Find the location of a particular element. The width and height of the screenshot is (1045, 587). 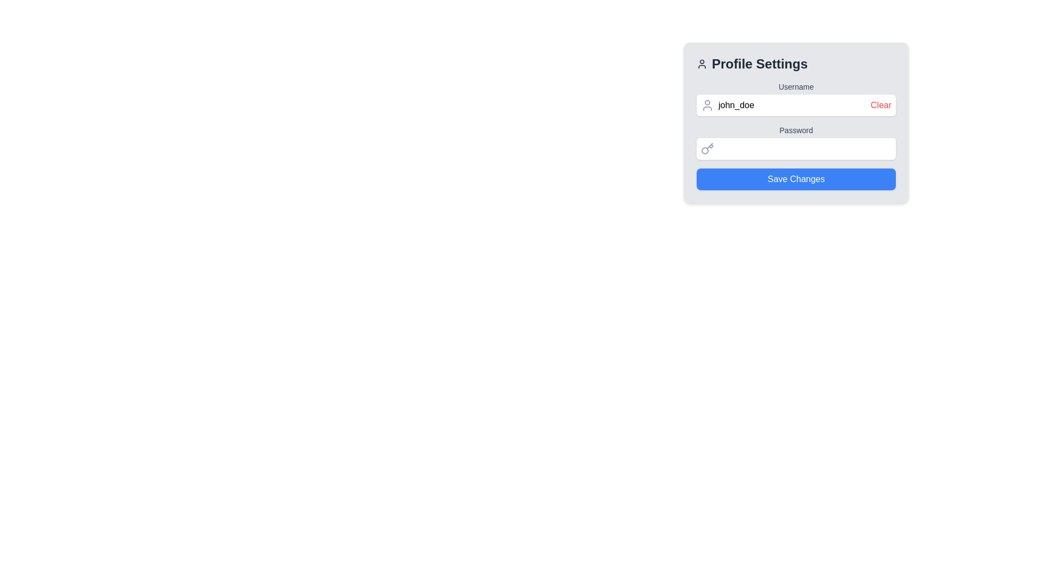

the 'Save Changes' button located at the bottom of the profile settings section is located at coordinates (796, 179).